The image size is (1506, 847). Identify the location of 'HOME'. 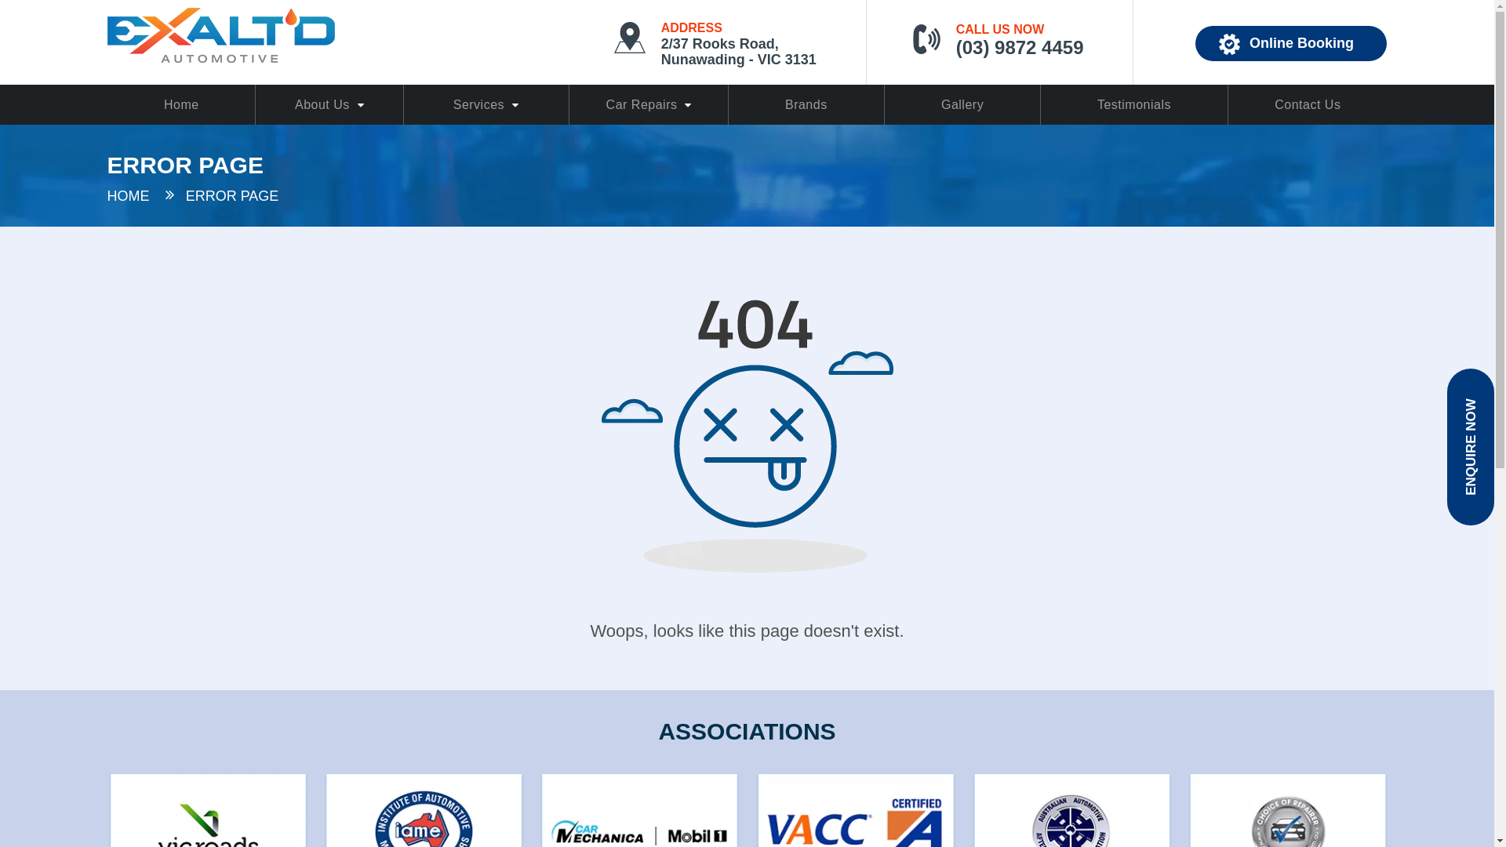
(128, 195).